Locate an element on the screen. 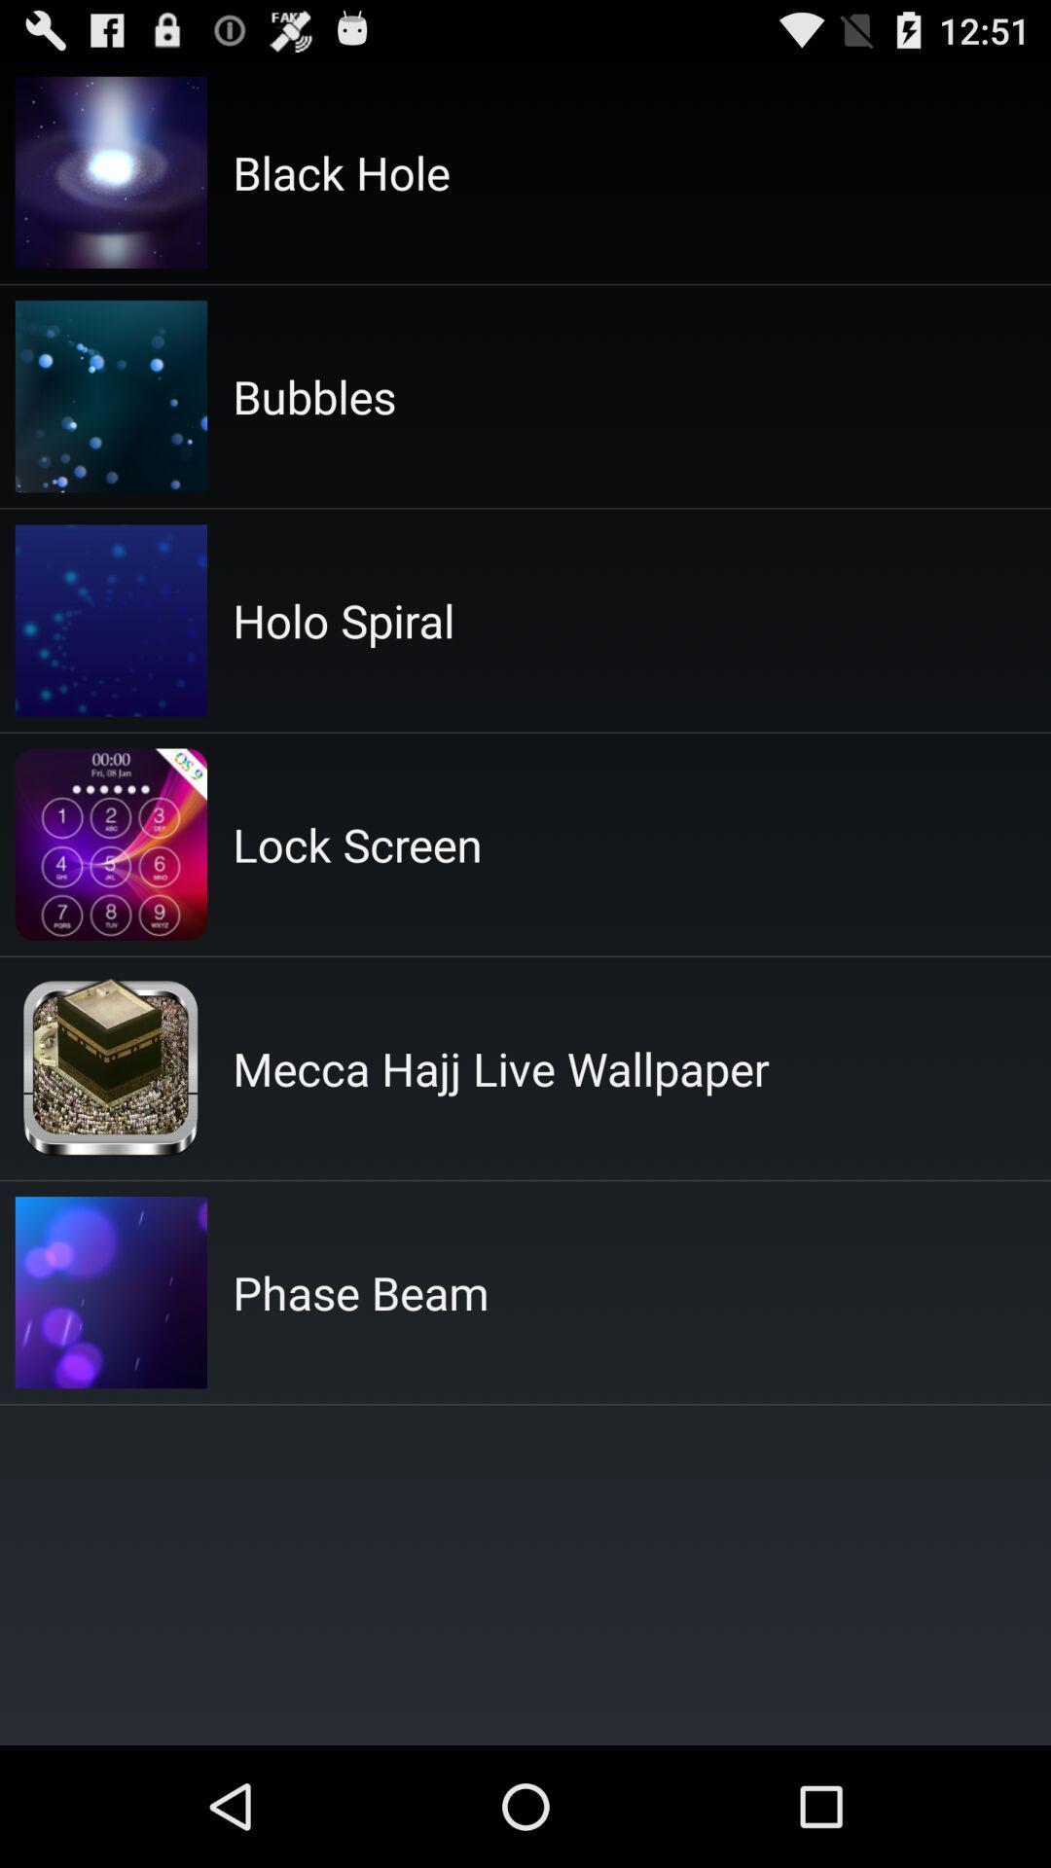 The image size is (1051, 1868). lock screen icon is located at coordinates (357, 844).